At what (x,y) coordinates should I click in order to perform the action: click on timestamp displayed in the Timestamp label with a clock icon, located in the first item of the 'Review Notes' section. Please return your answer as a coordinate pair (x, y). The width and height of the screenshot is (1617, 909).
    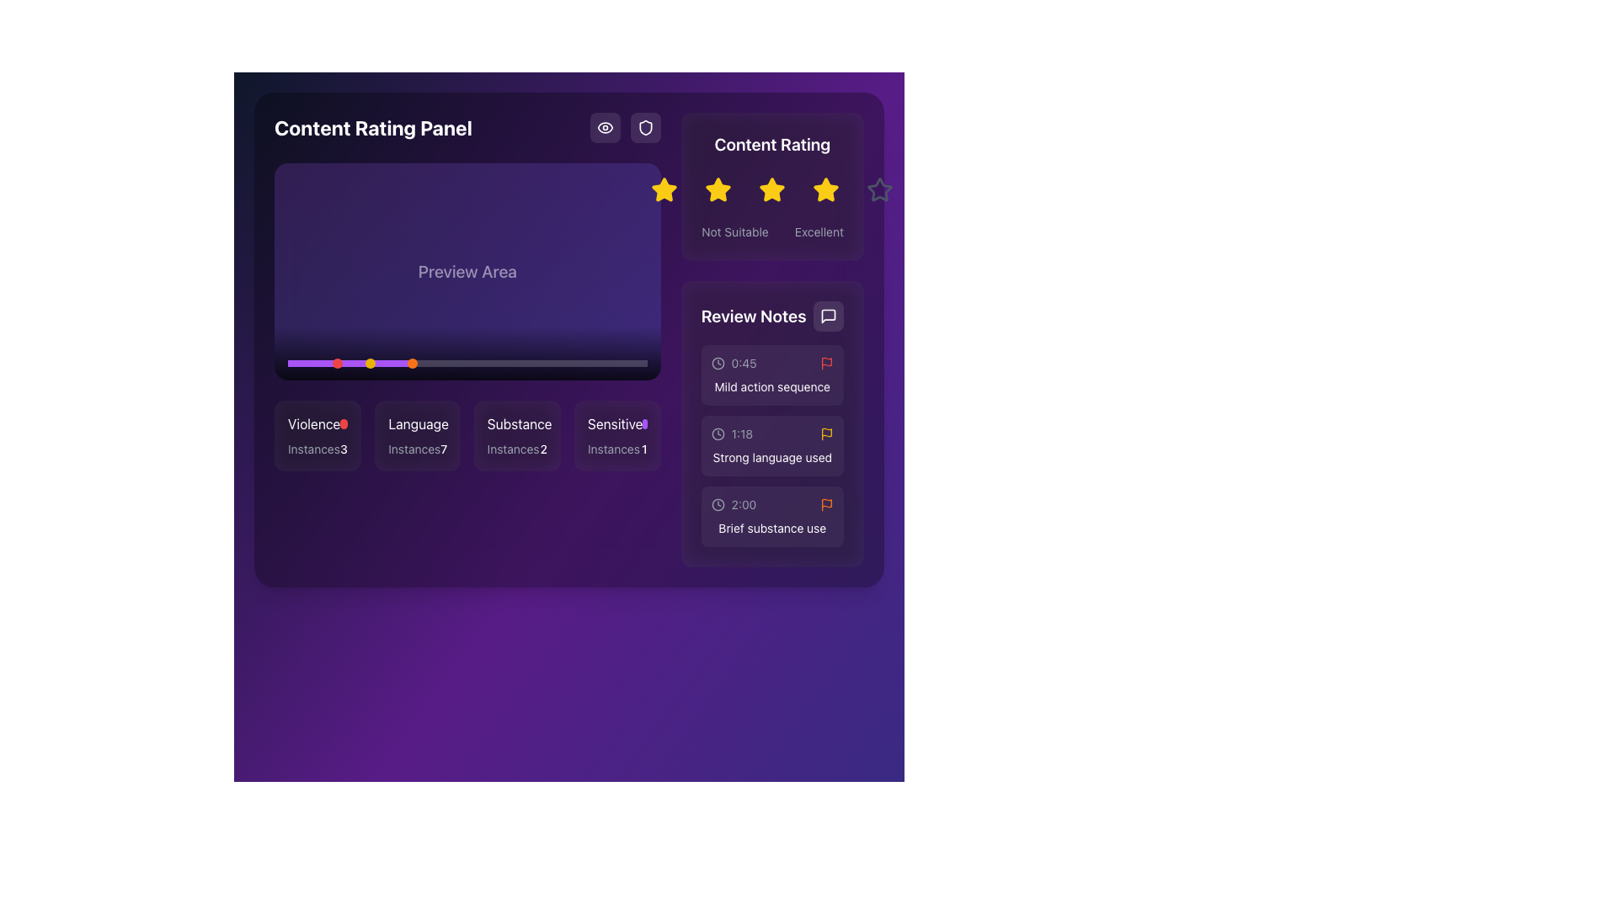
    Looking at the image, I should click on (734, 363).